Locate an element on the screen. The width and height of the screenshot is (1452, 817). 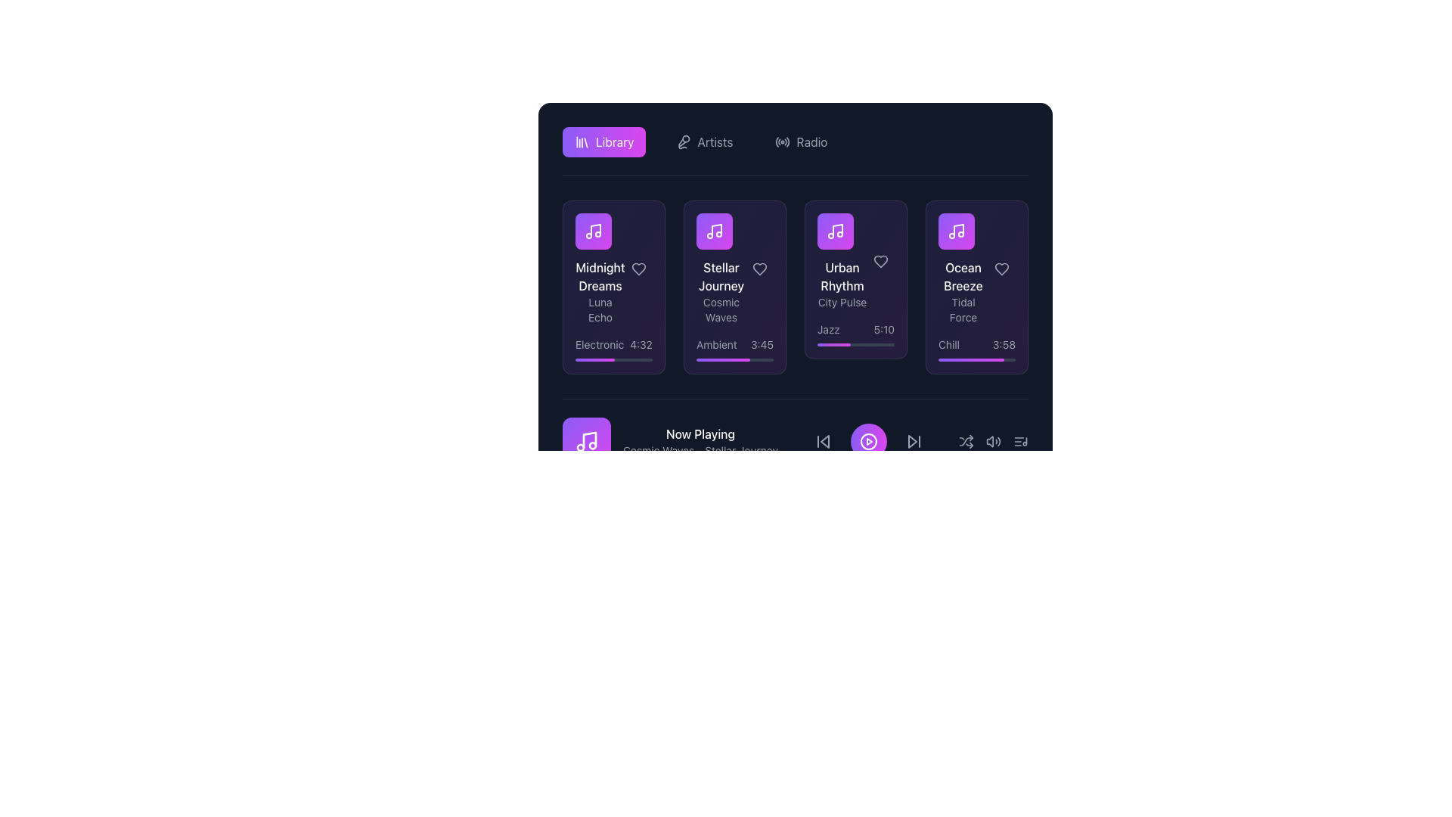
the forward navigation button, which is styled gray and transitions to white on hover, located is located at coordinates (913, 441).